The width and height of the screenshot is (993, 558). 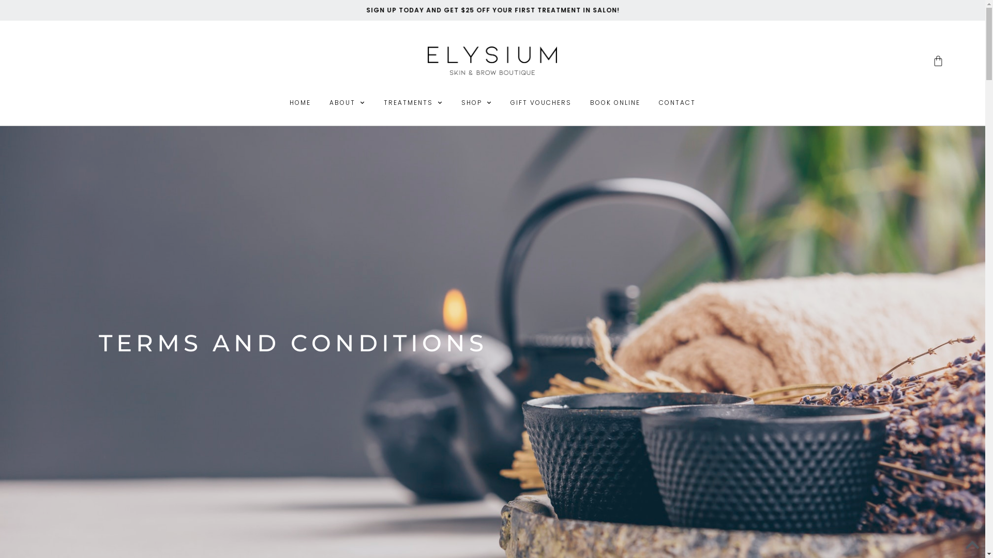 I want to click on 'HOME', so click(x=299, y=103).